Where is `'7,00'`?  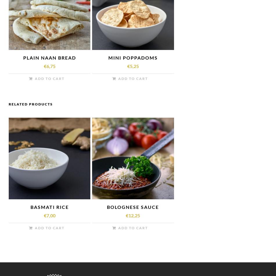 '7,00' is located at coordinates (46, 215).